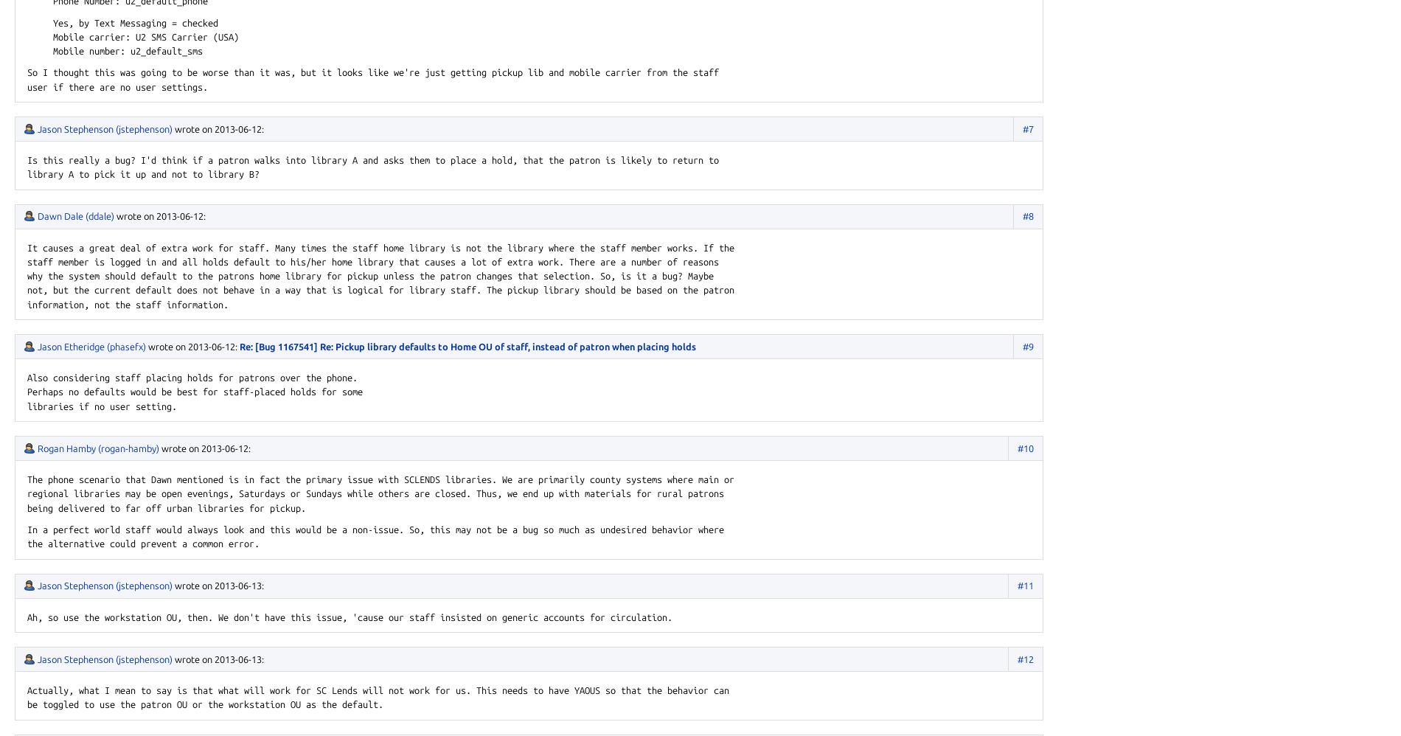 This screenshot has width=1401, height=736. What do you see at coordinates (27, 697) in the screenshot?
I see `'Actually, what I mean to say is that what will work for SC Lends will not work for us. This needs to have YAOUS so that the behavior can be toggled to use the patron OU or the workstation OU as the default.'` at bounding box center [27, 697].